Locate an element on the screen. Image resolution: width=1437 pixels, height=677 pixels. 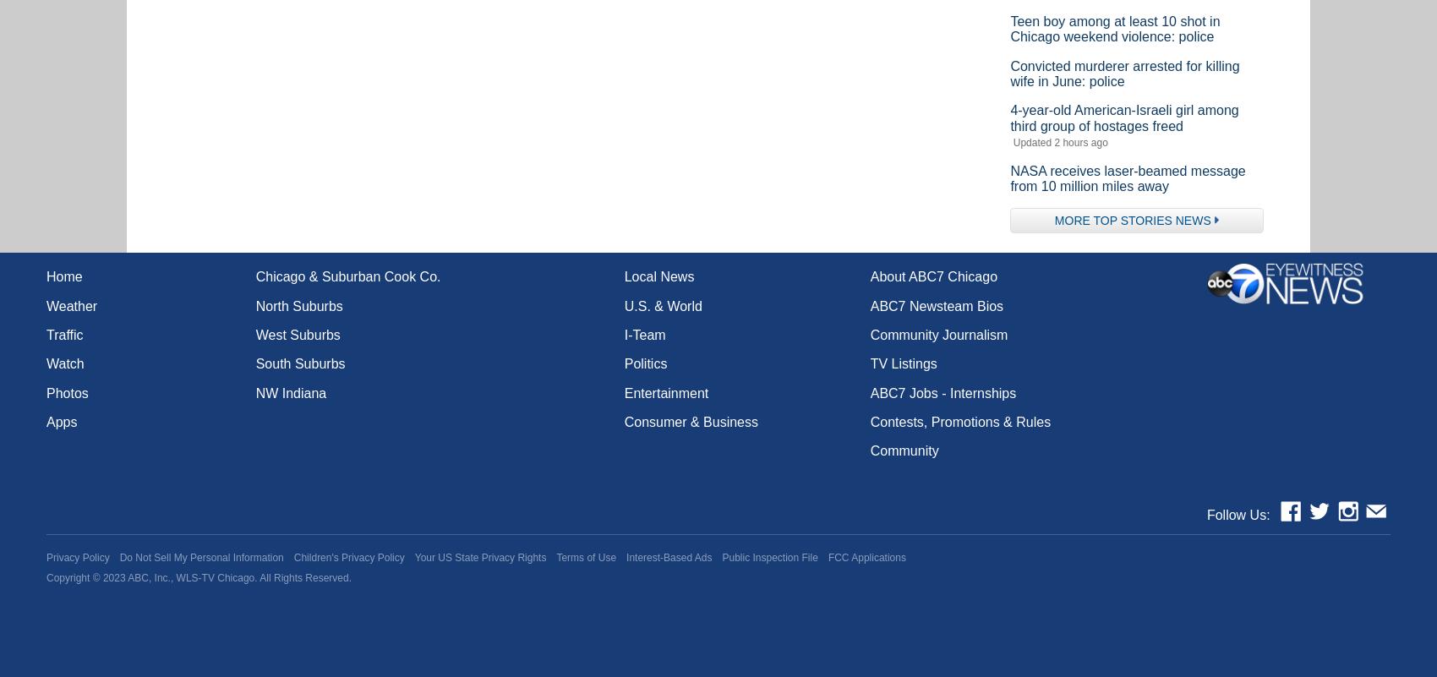
'2023' is located at coordinates (112, 577).